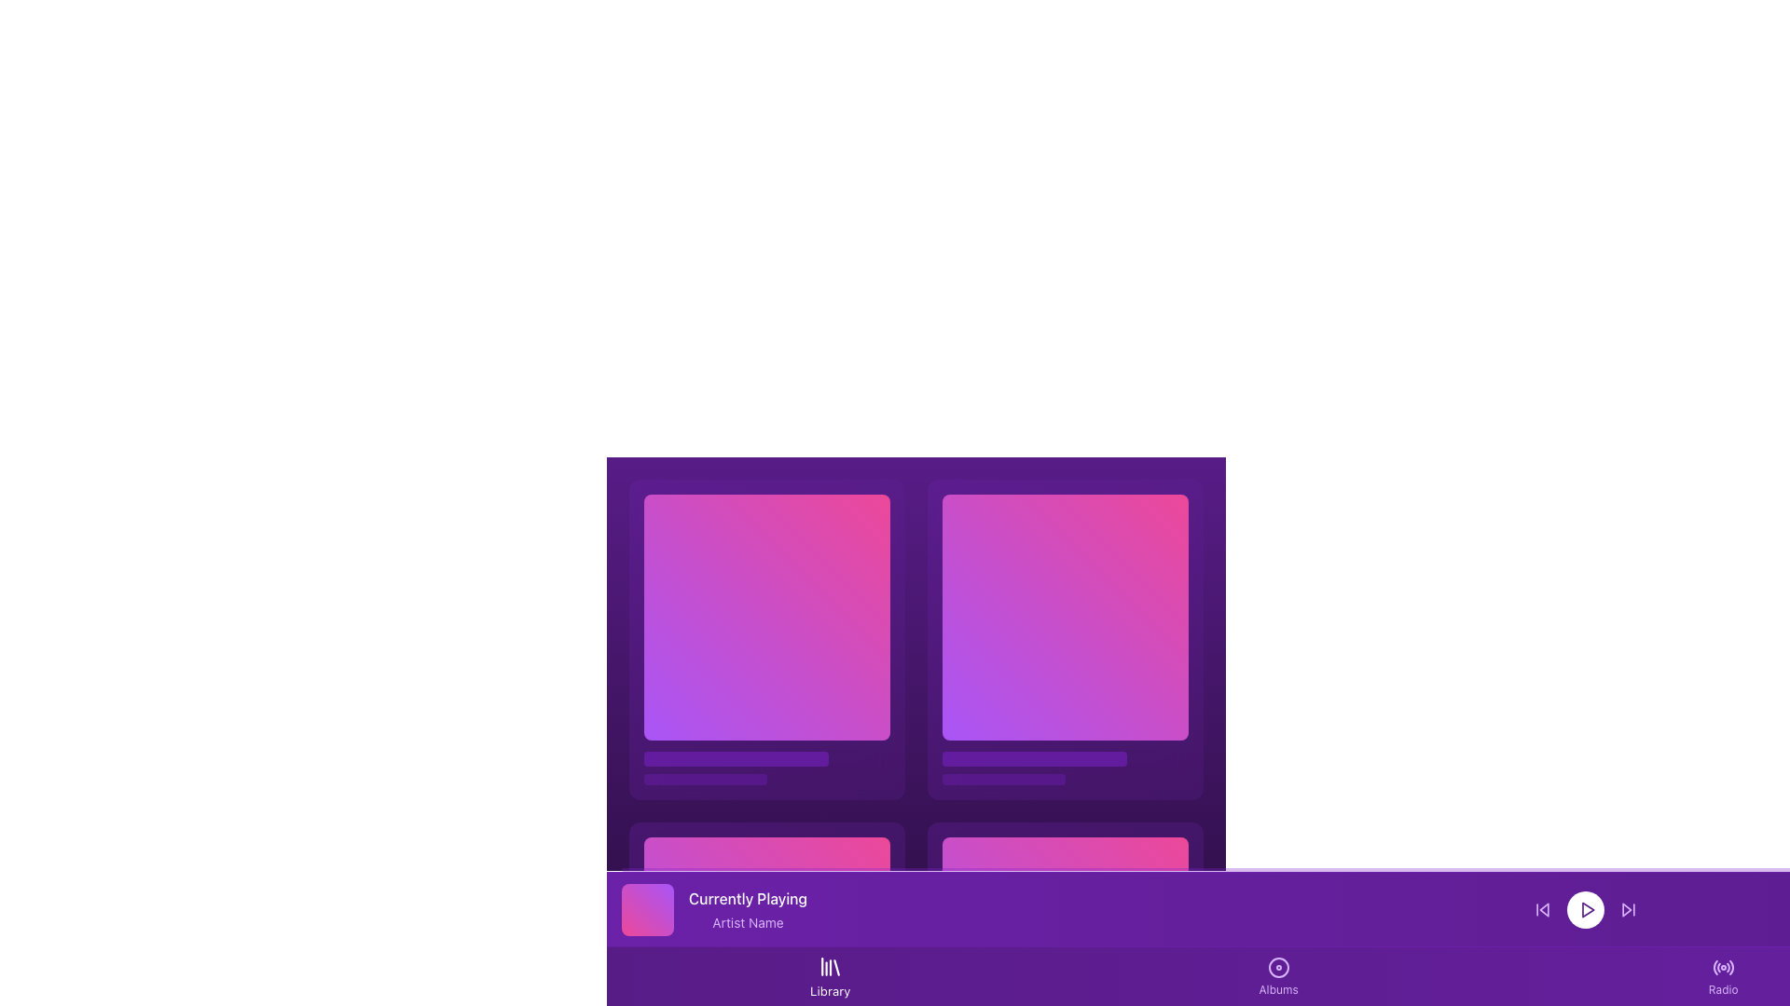  What do you see at coordinates (1627, 908) in the screenshot?
I see `the purple forward arrow button, which is the third icon in the rightmost position of the playback controls in the footer, to skip to the next track` at bounding box center [1627, 908].